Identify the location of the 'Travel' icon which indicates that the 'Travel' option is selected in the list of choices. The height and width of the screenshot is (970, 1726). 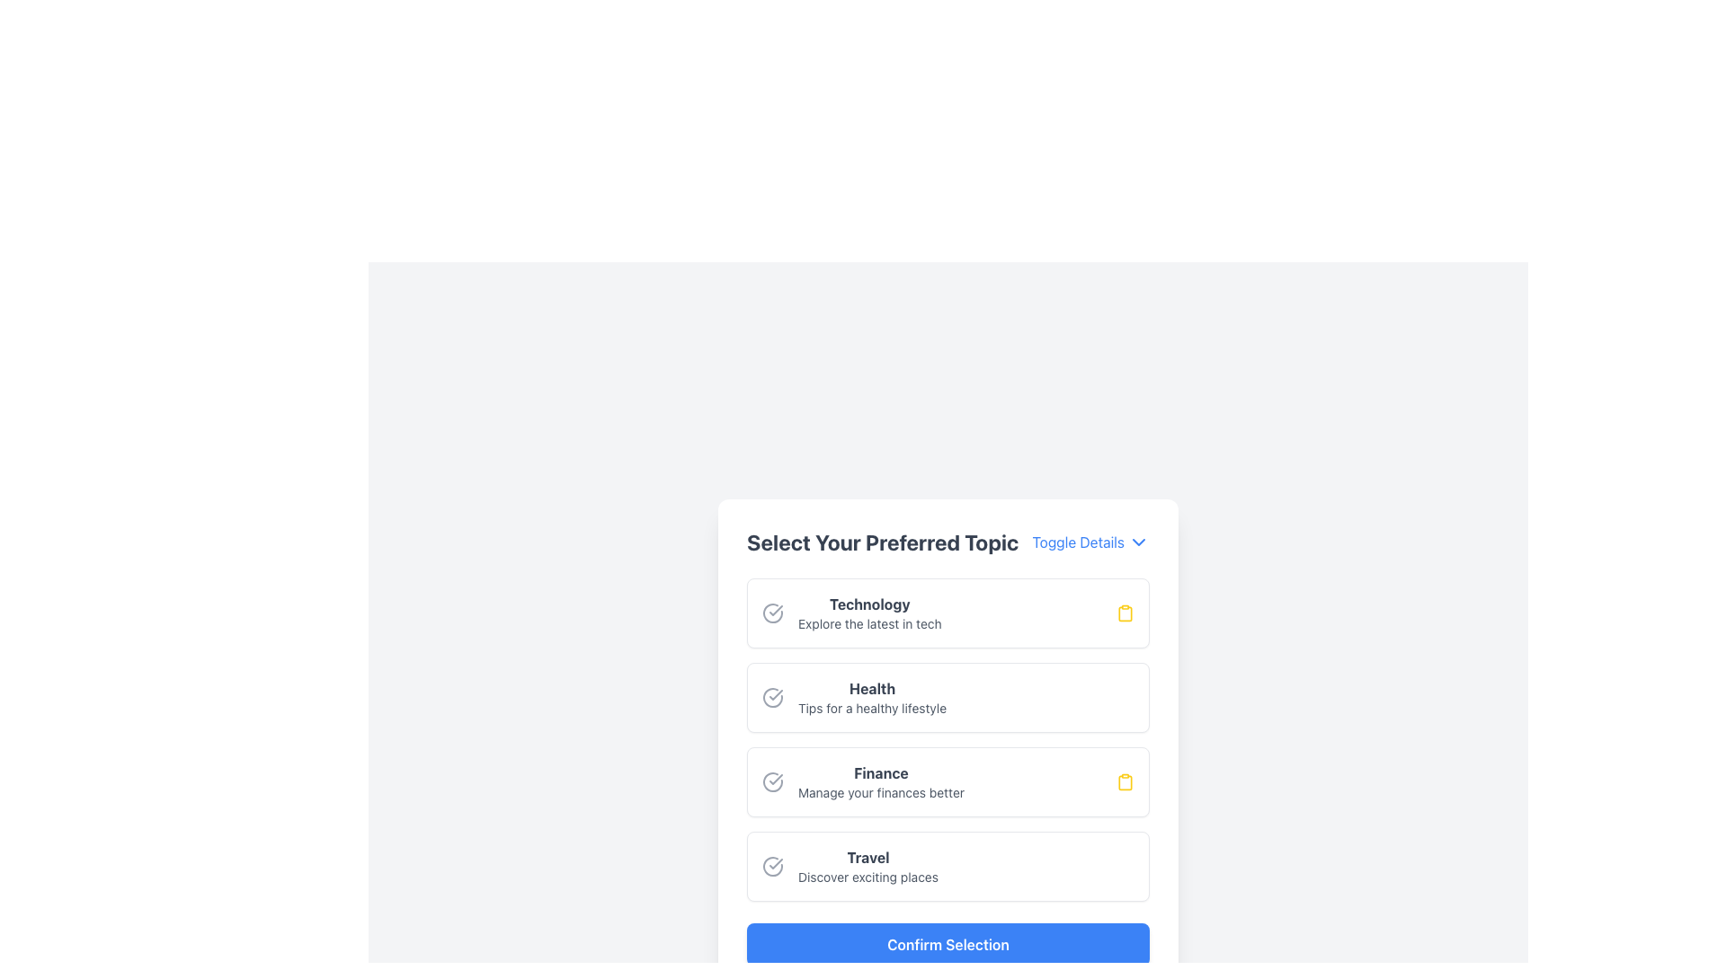
(772, 865).